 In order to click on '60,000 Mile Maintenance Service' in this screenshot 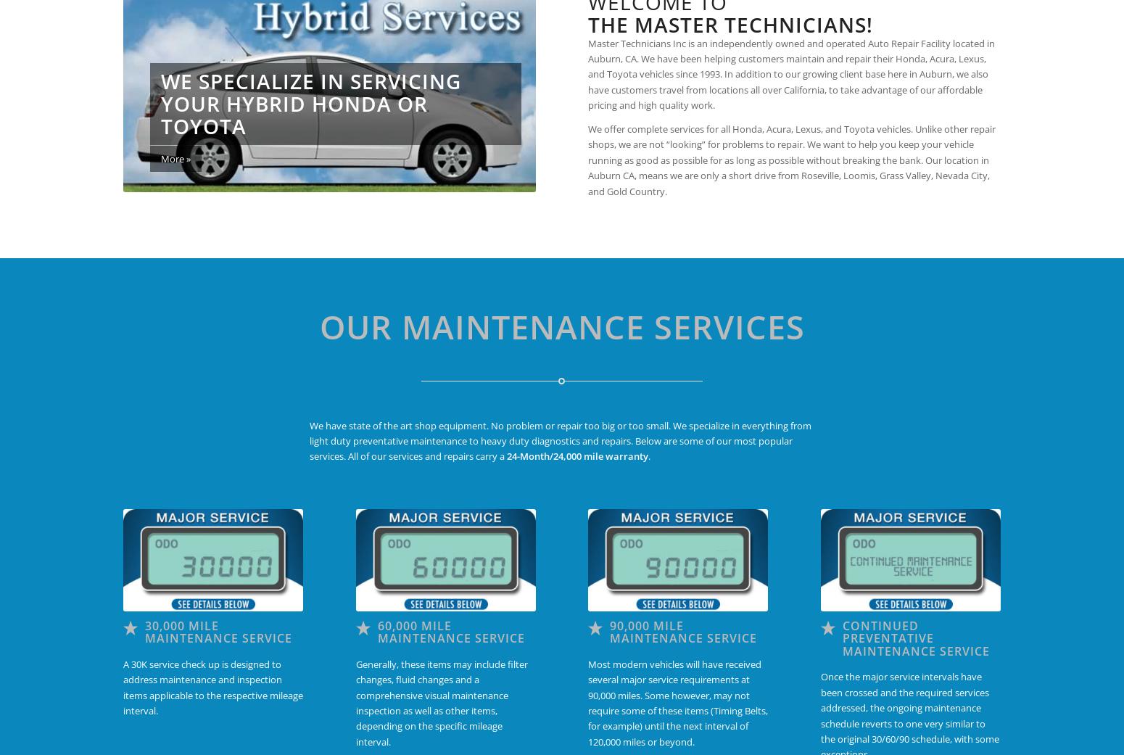, I will do `click(450, 631)`.